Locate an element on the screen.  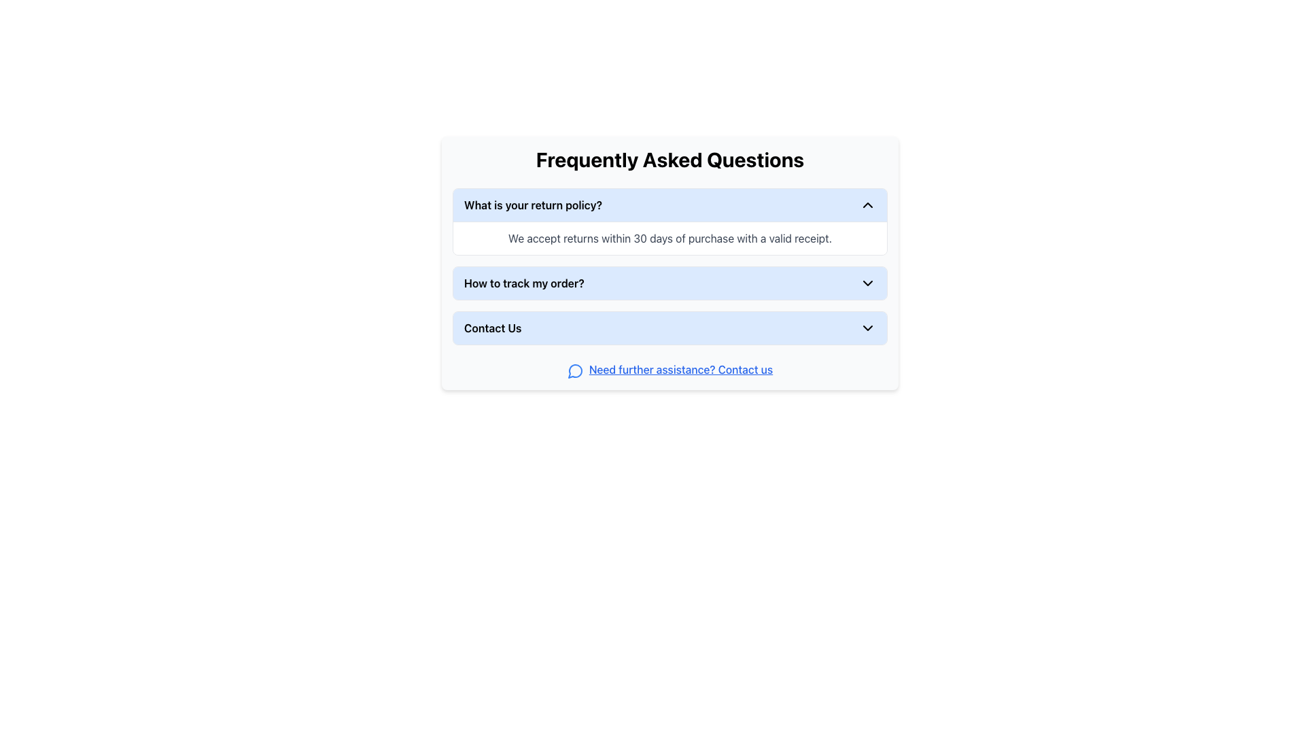
the messaging icon located to the left of the 'Need further assistance? Contact us' text link in the FAQ section is located at coordinates (575, 370).